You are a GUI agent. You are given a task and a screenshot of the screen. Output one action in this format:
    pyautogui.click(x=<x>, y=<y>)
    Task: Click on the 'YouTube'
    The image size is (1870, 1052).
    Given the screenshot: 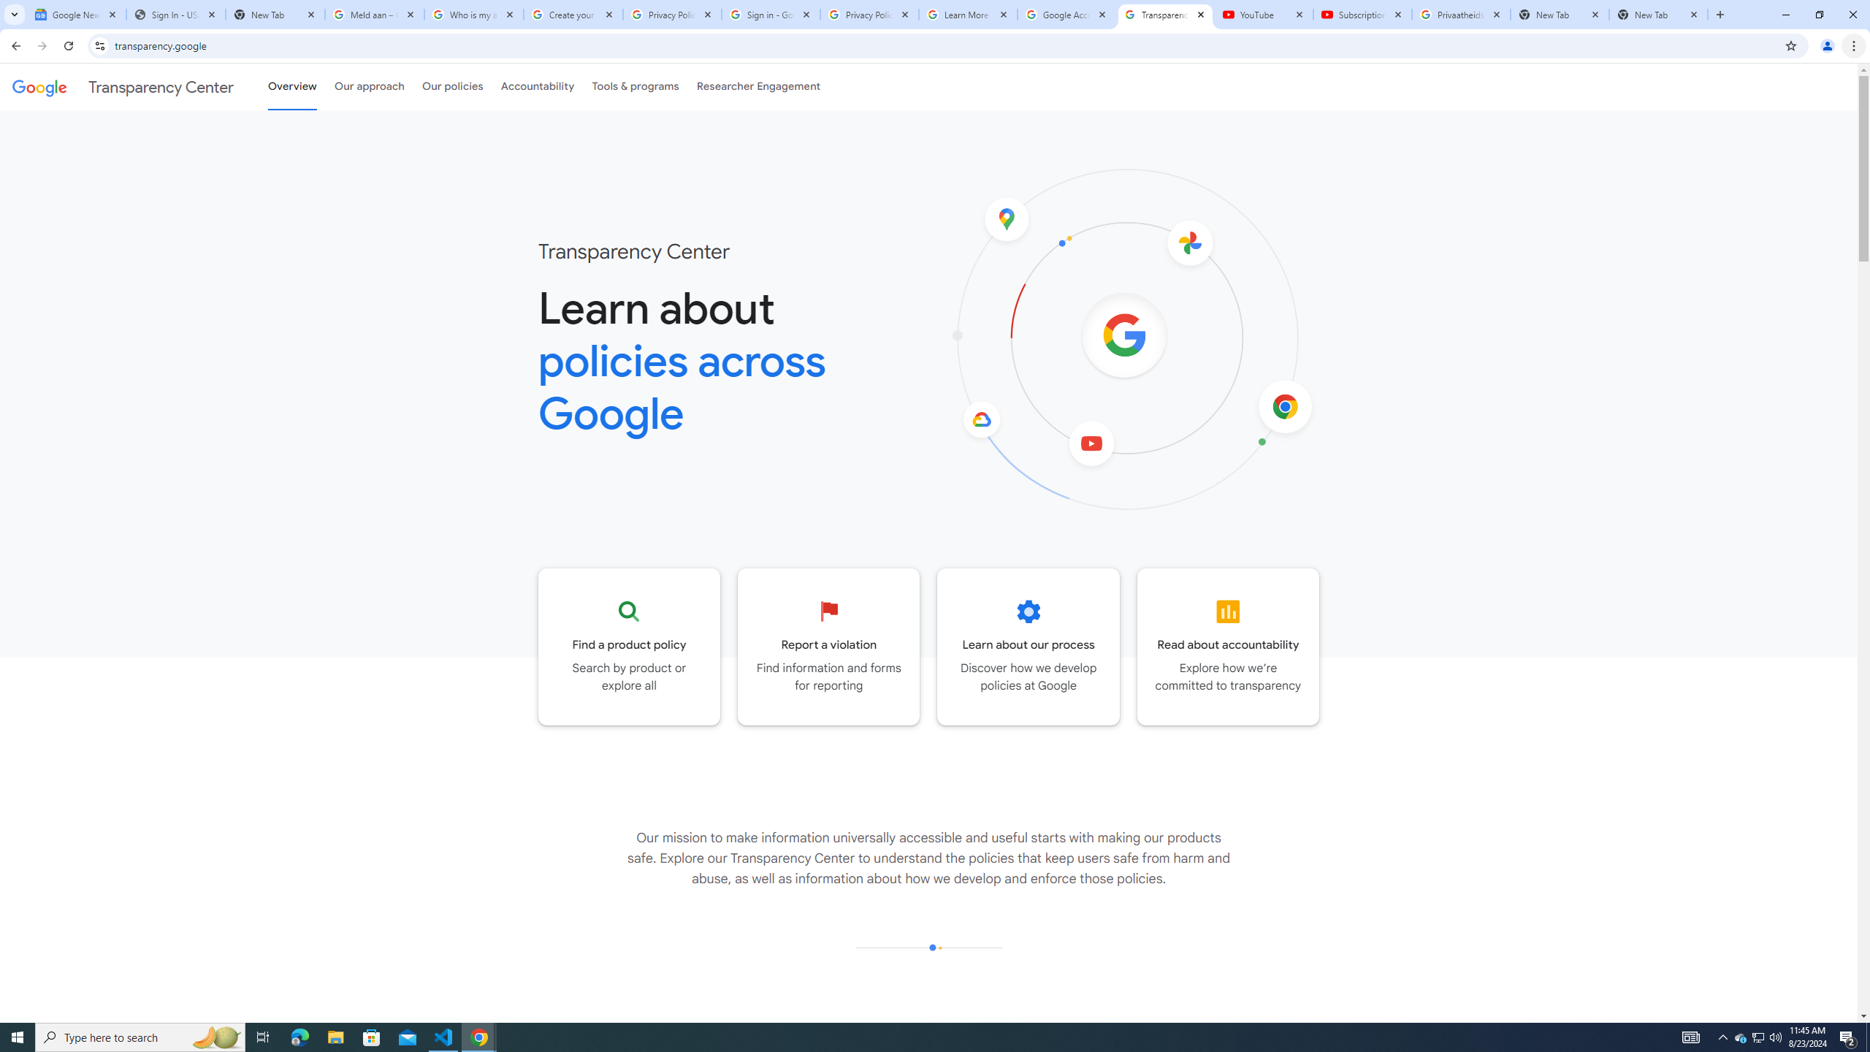 What is the action you would take?
    pyautogui.click(x=1263, y=14)
    